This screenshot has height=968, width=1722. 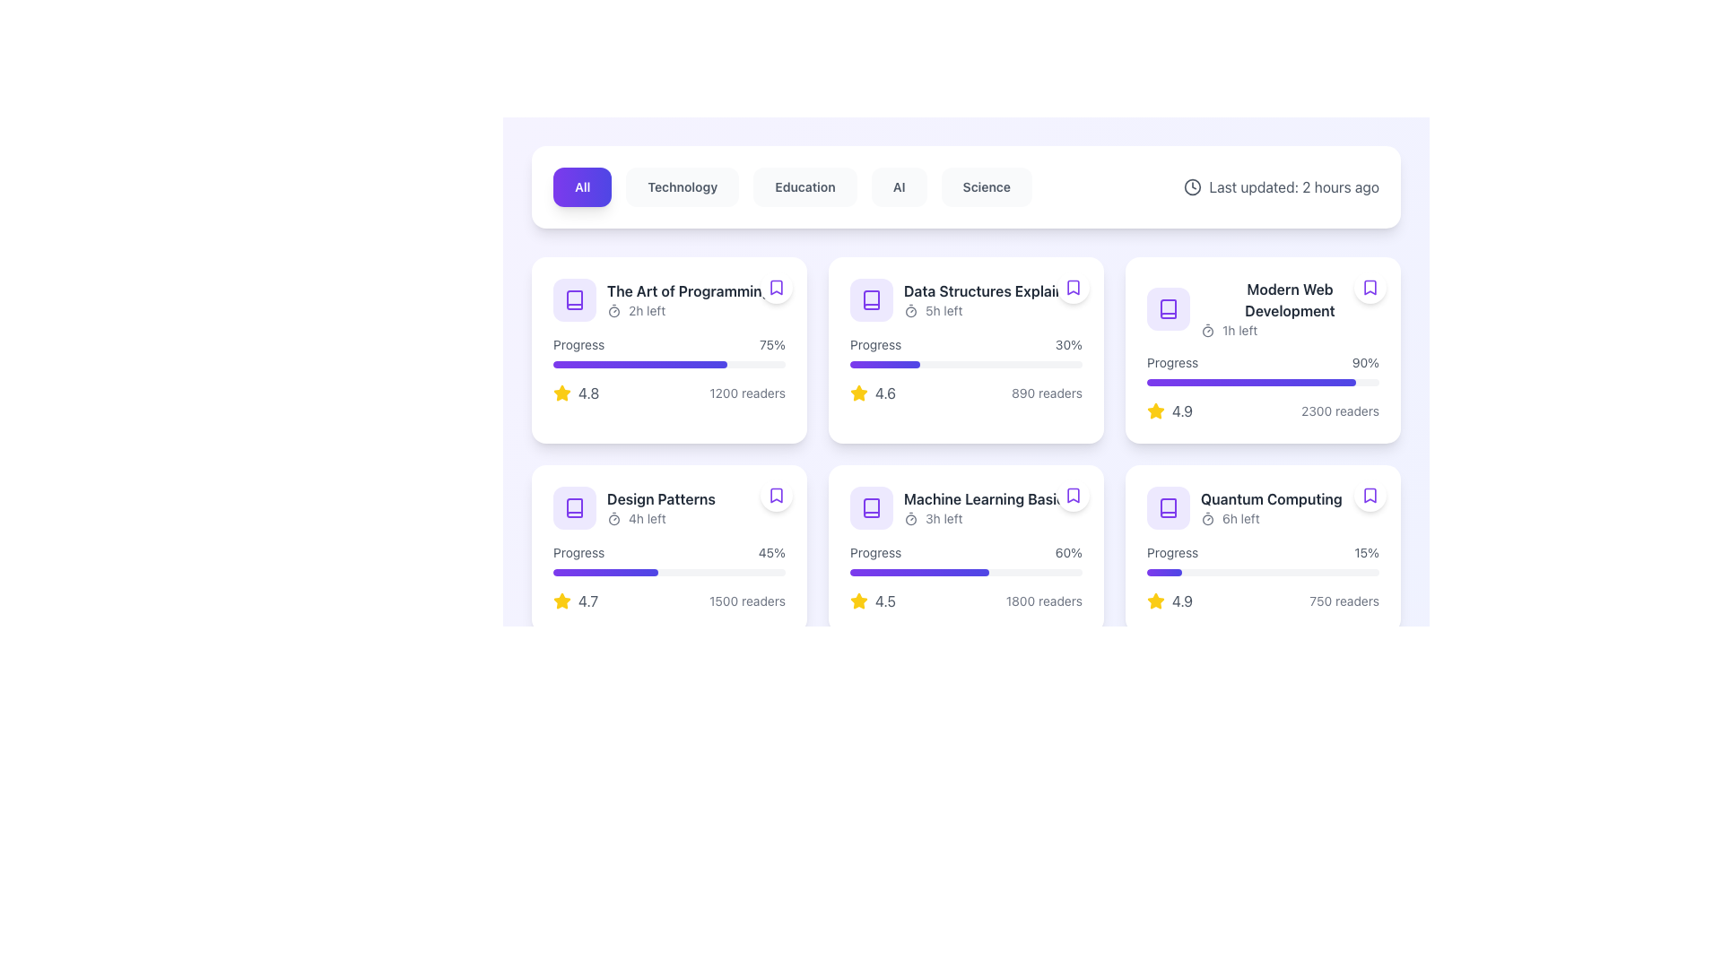 What do you see at coordinates (1044, 601) in the screenshot?
I see `text label displaying '1800 readers' located in the bottom right corner of the card labeled 'Machine Learning Basics.'` at bounding box center [1044, 601].